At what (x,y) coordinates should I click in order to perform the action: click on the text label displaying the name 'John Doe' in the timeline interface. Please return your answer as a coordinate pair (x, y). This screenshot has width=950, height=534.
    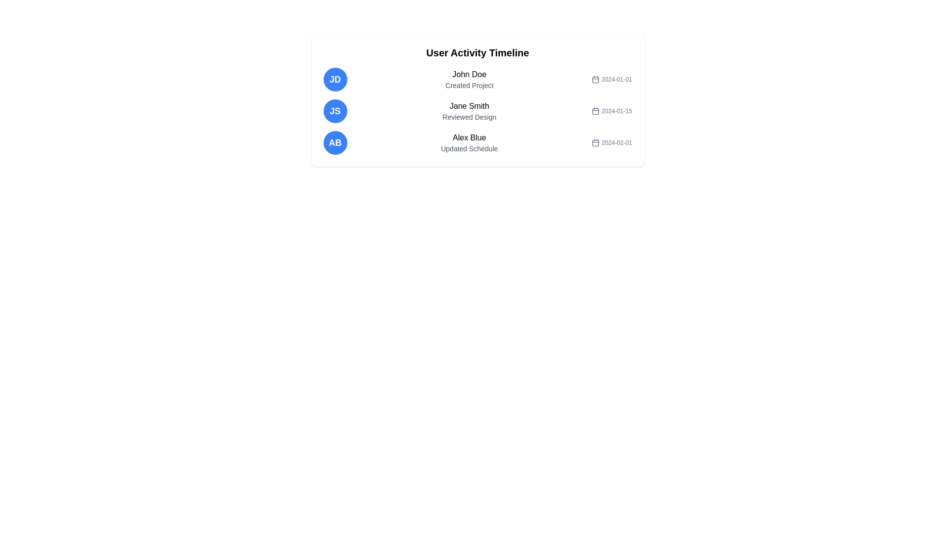
    Looking at the image, I should click on (469, 74).